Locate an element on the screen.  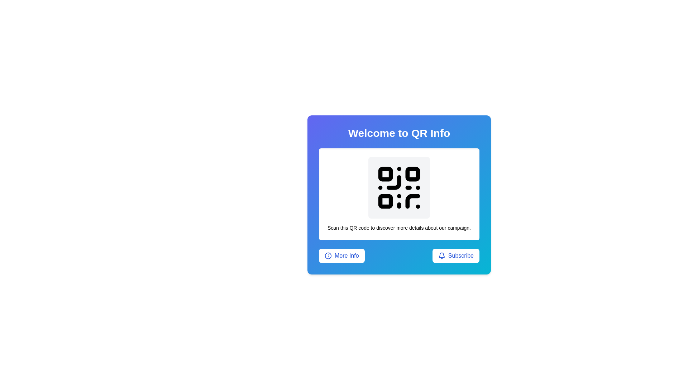
the small square shape with rounded corners that is part of the QR code representation, located in the top-left corner of the QR code structure is located at coordinates (385, 174).